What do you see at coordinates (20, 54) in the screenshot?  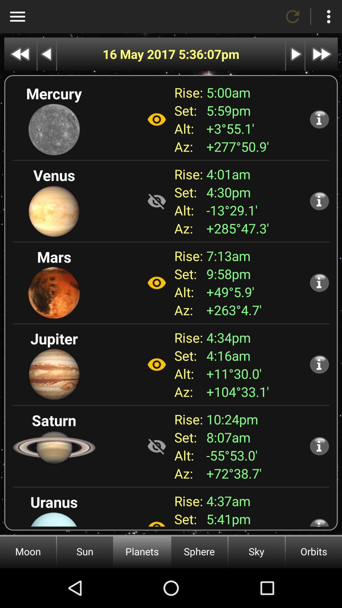 I see `the av_rewind icon` at bounding box center [20, 54].